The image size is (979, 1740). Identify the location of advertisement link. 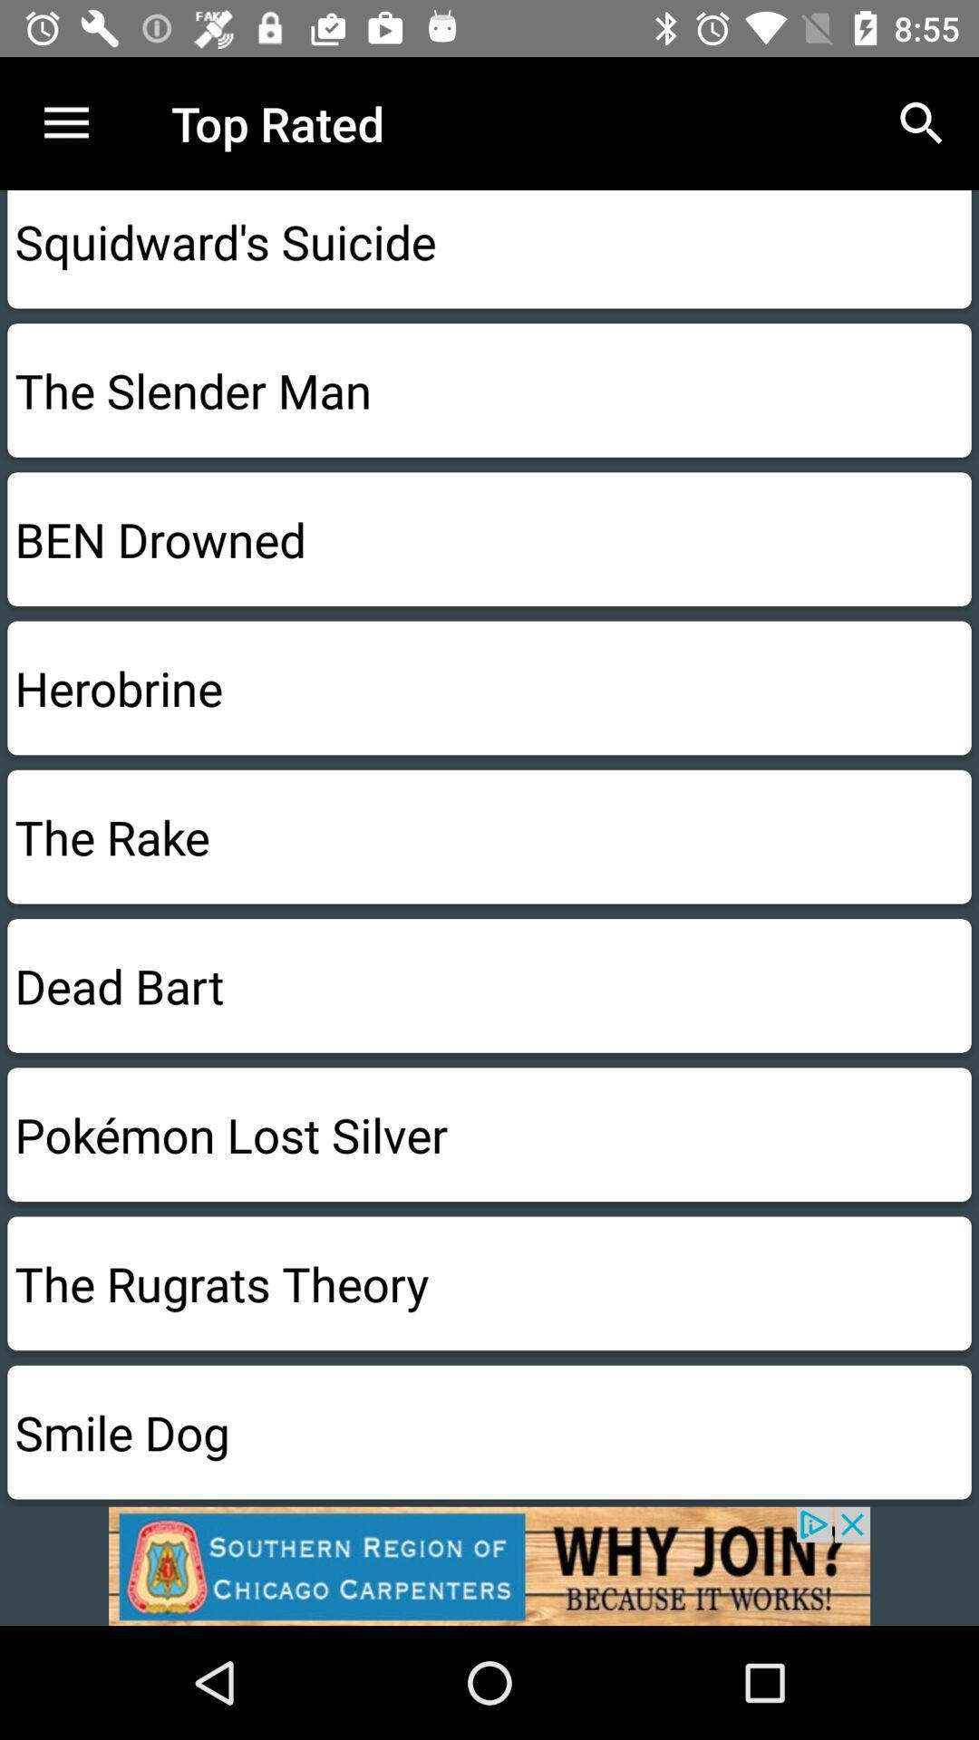
(489, 1565).